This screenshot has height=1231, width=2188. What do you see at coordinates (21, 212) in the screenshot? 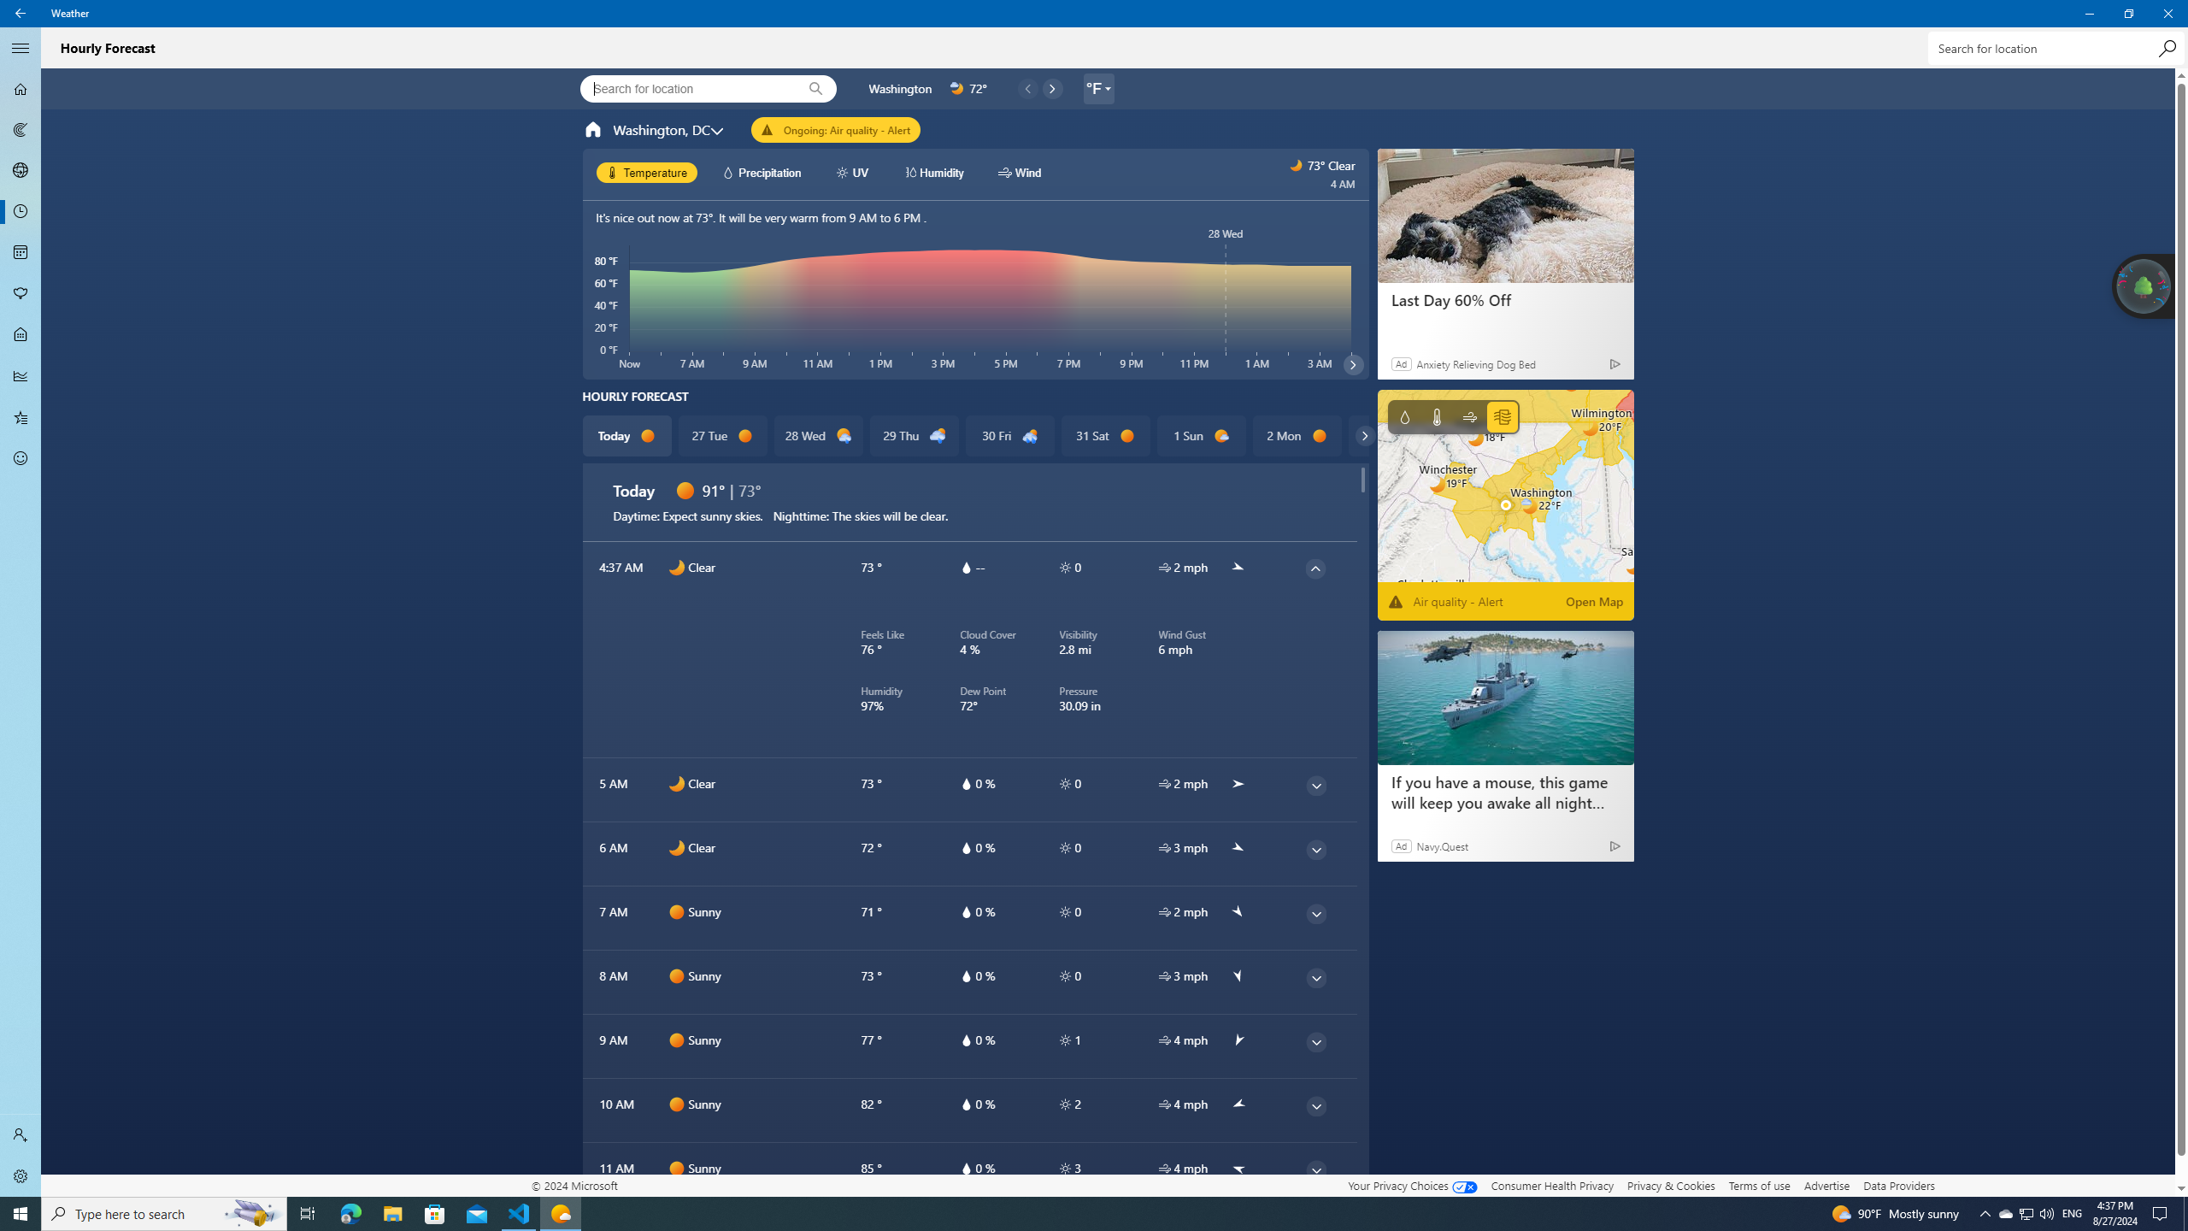
I see `'Hourly Forecast - Not Selected'` at bounding box center [21, 212].